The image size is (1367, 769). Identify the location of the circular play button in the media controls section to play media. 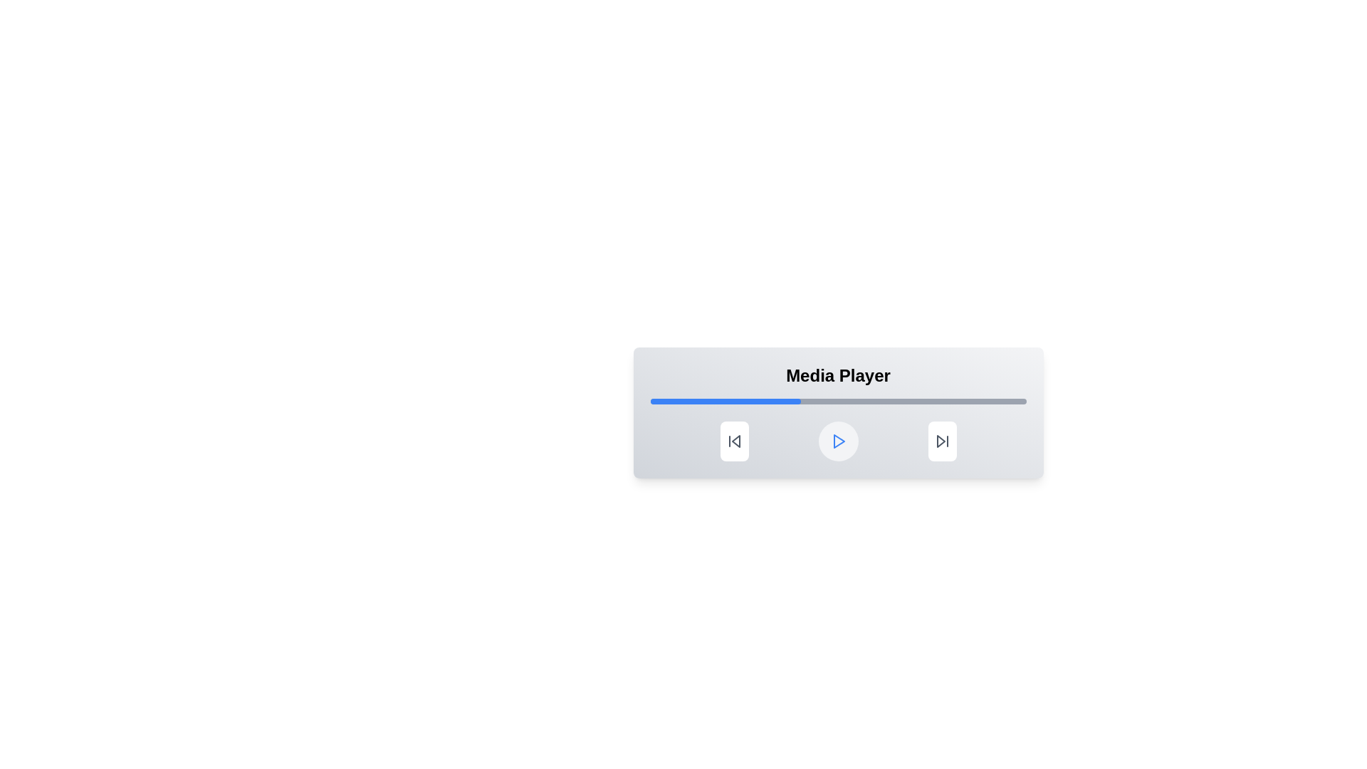
(838, 429).